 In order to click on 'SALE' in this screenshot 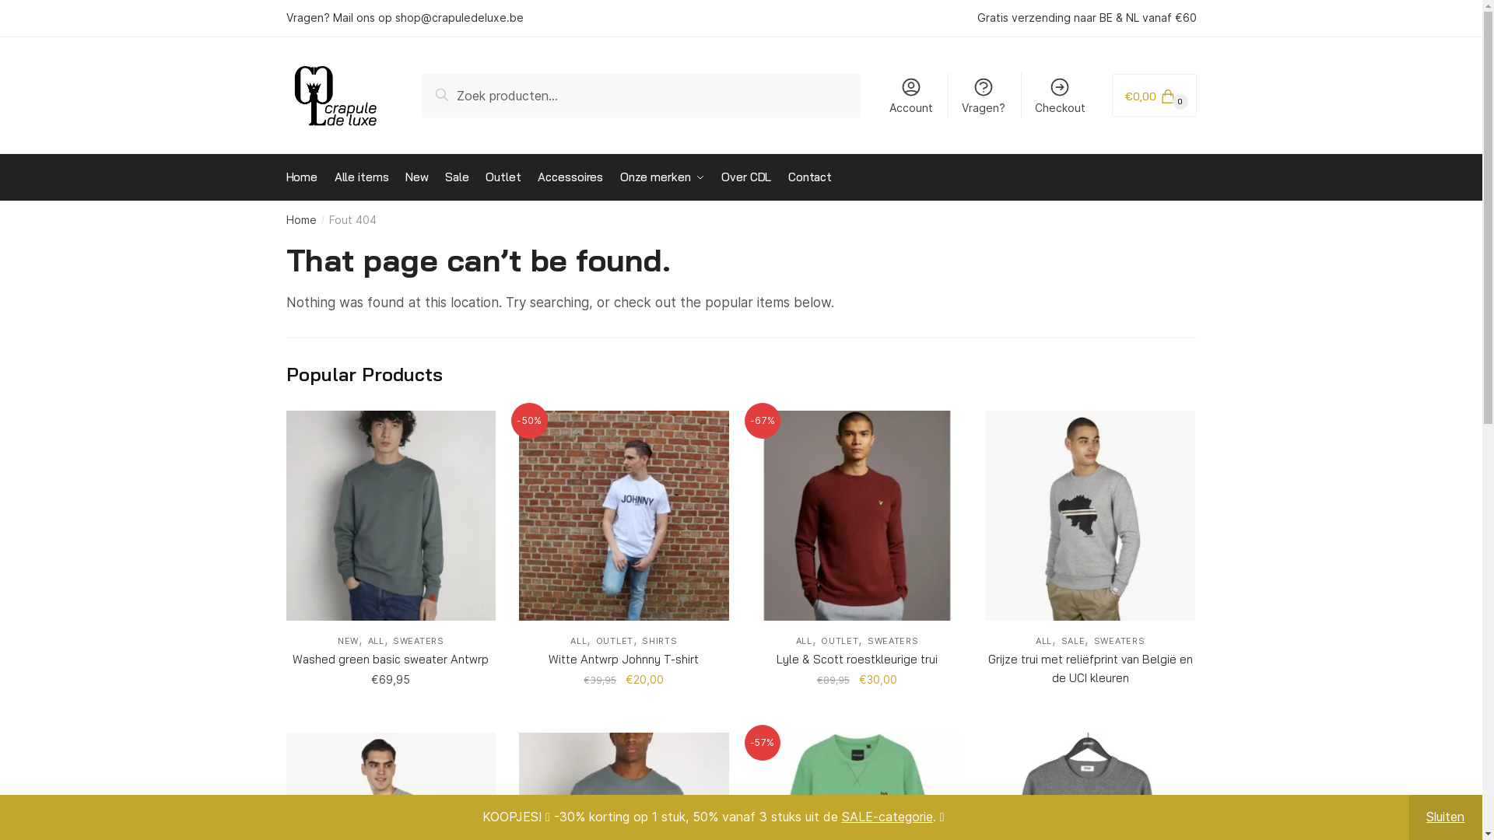, I will do `click(1060, 641)`.